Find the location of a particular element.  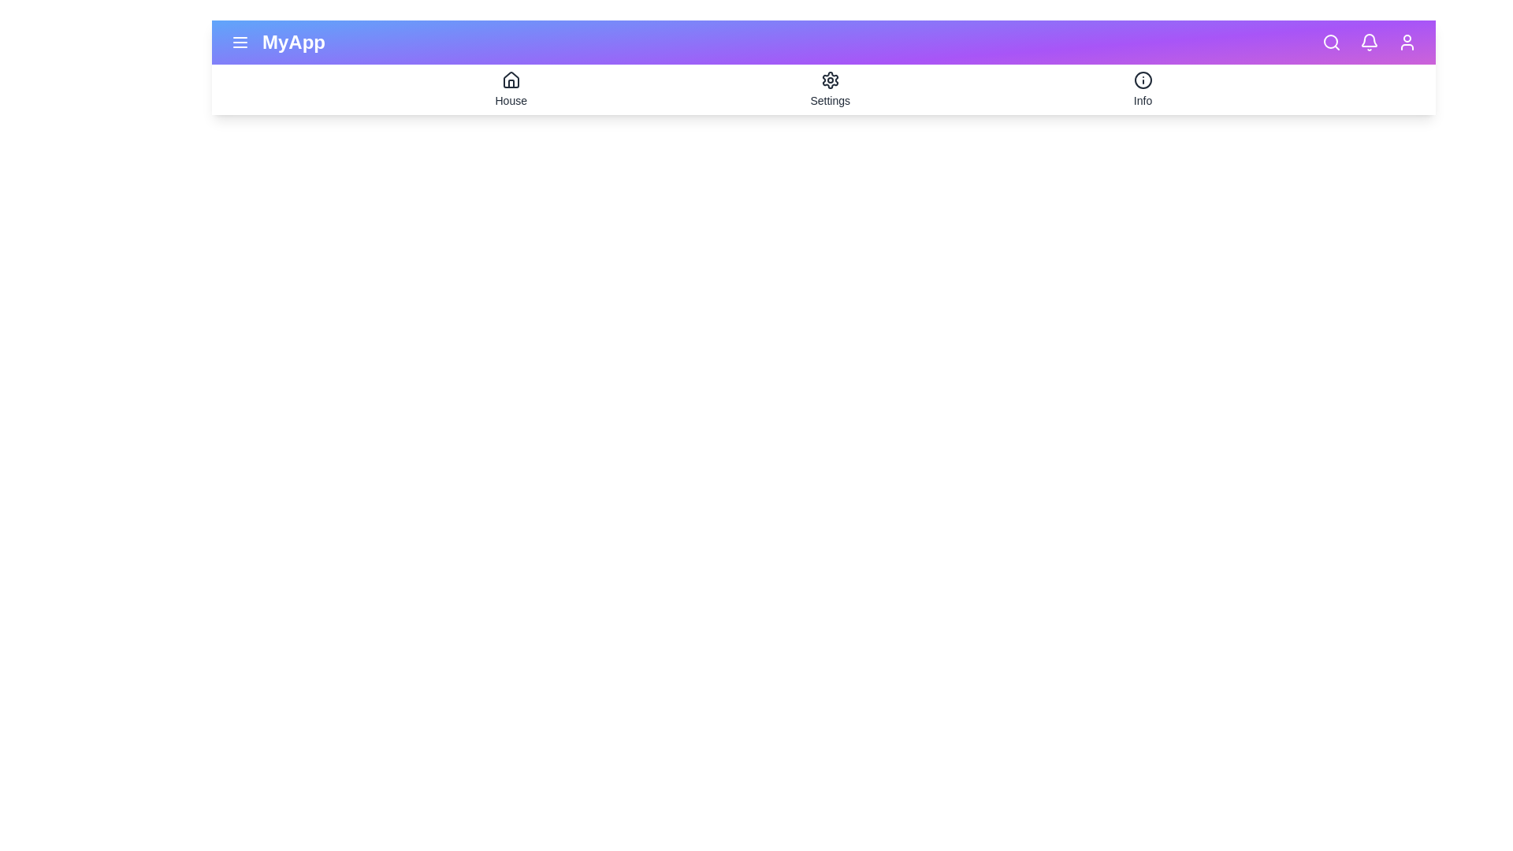

the icon settings to preview its interaction is located at coordinates (828, 80).